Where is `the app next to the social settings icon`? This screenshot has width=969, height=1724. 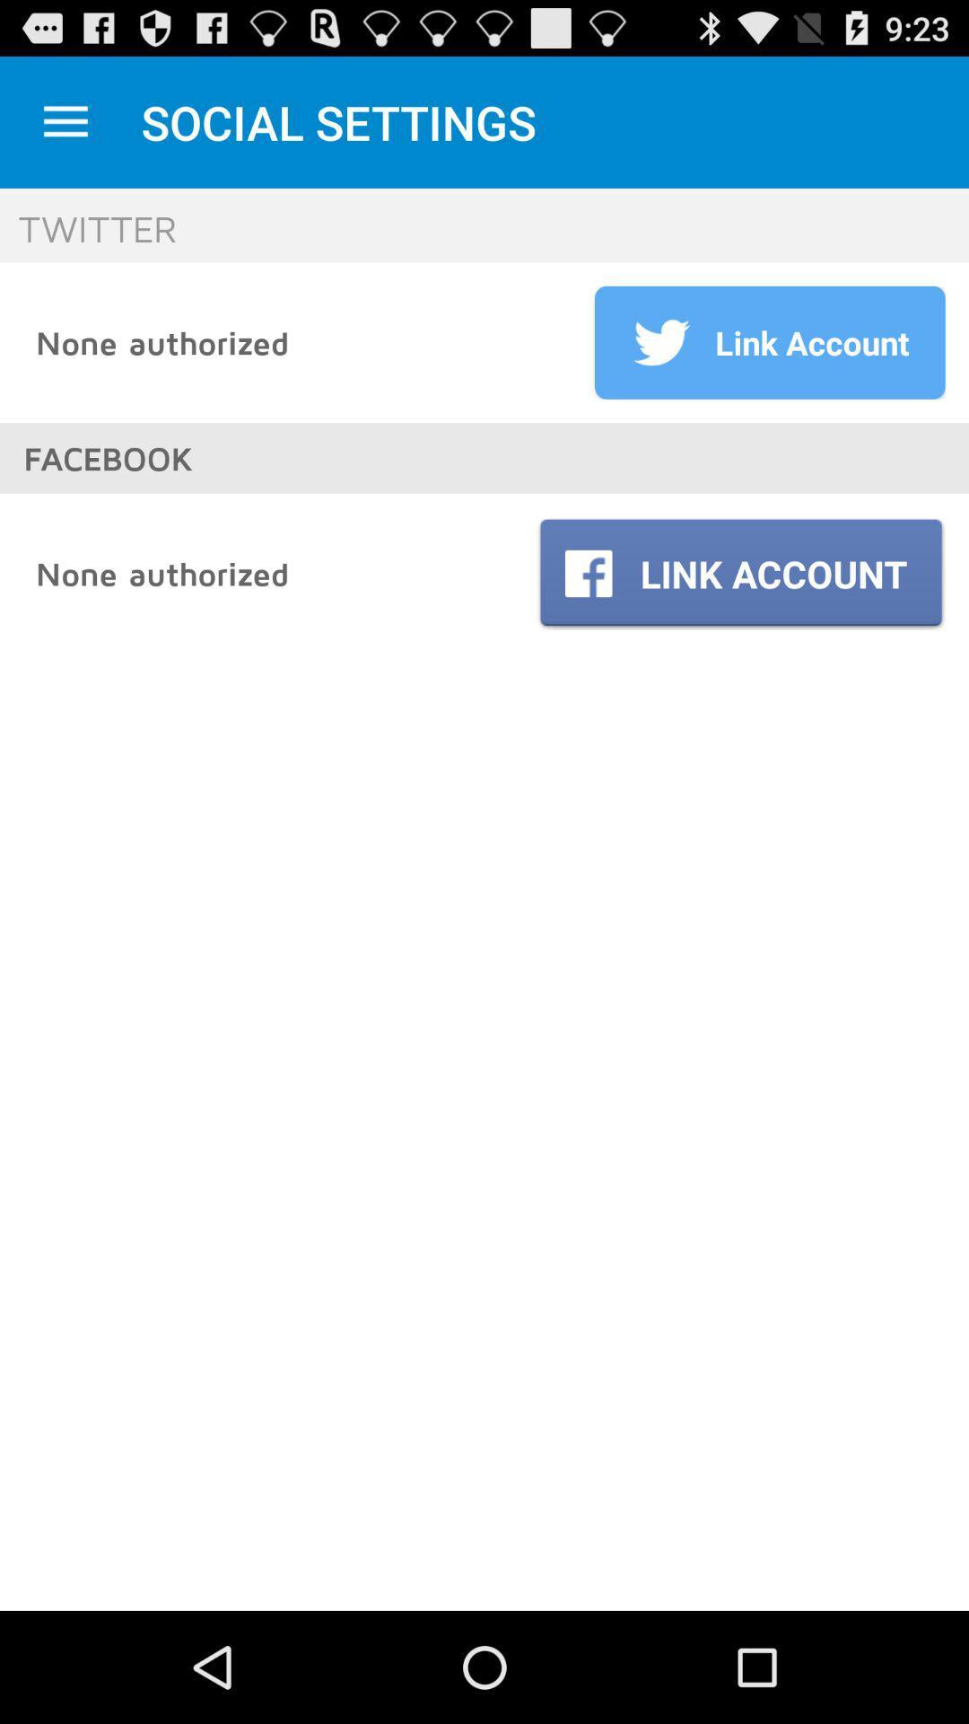
the app next to the social settings icon is located at coordinates (65, 121).